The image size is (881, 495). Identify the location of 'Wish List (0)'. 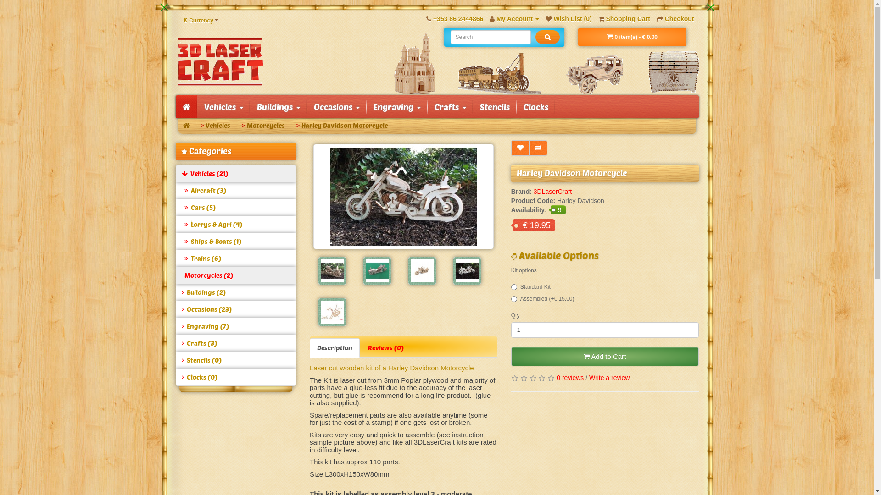
(568, 19).